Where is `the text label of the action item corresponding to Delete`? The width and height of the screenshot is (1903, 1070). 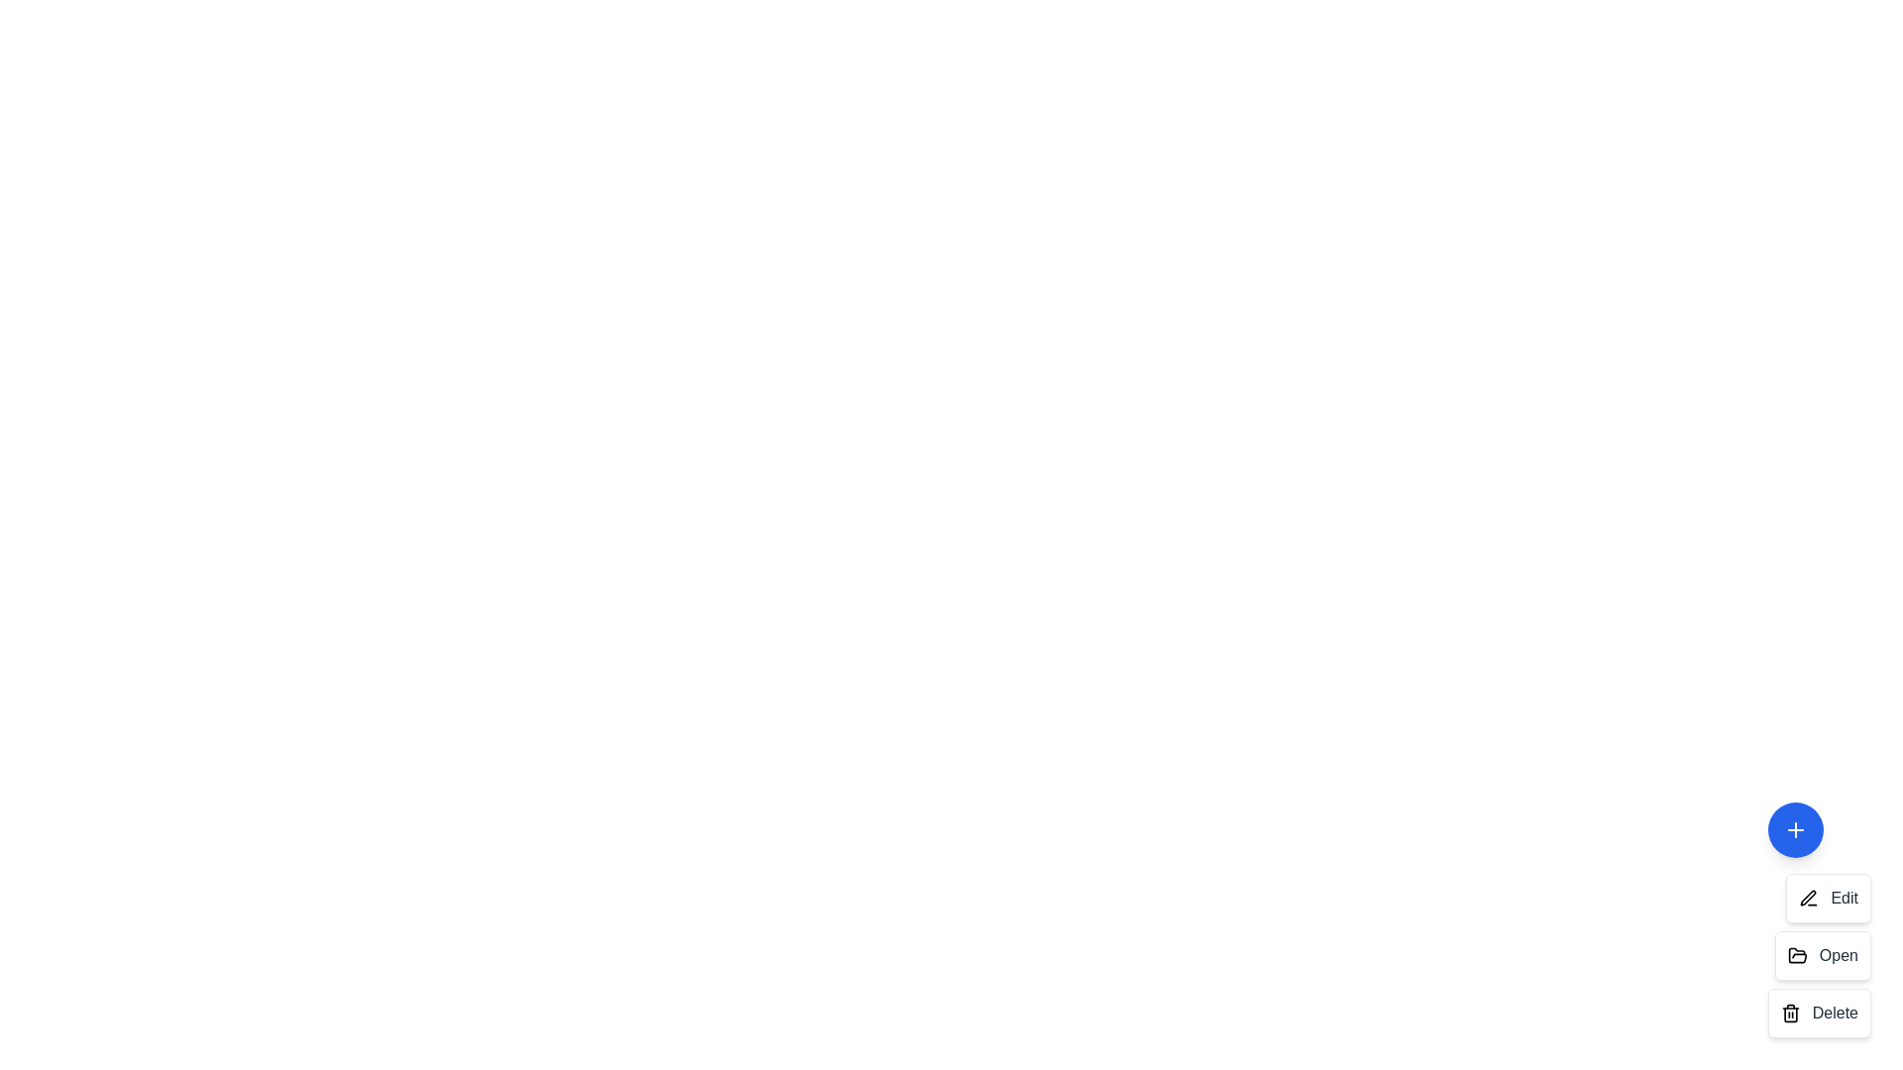 the text label of the action item corresponding to Delete is located at coordinates (1834, 1013).